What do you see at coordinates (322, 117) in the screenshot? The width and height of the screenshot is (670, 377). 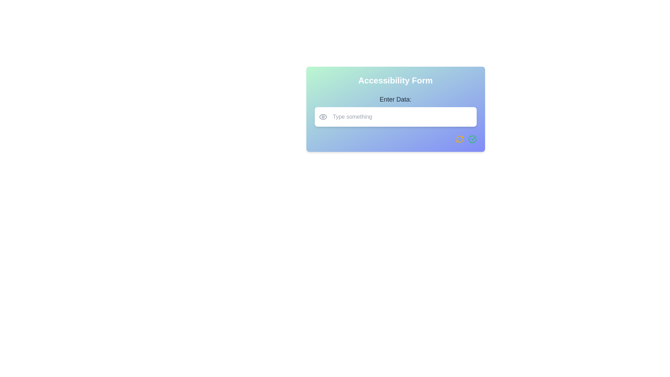 I see `the circular gray eye icon located to the far left within the rectangular box containing the input field` at bounding box center [322, 117].